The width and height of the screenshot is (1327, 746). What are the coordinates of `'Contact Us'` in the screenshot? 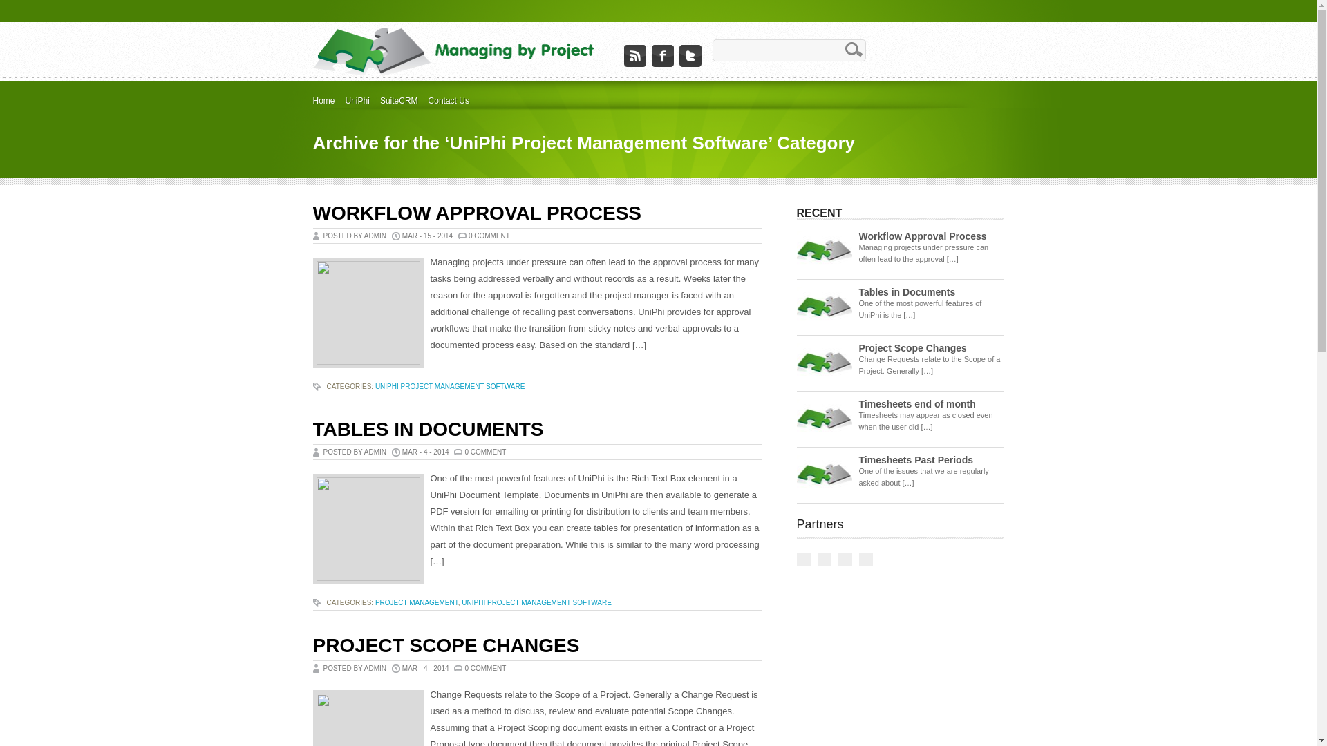 It's located at (454, 100).